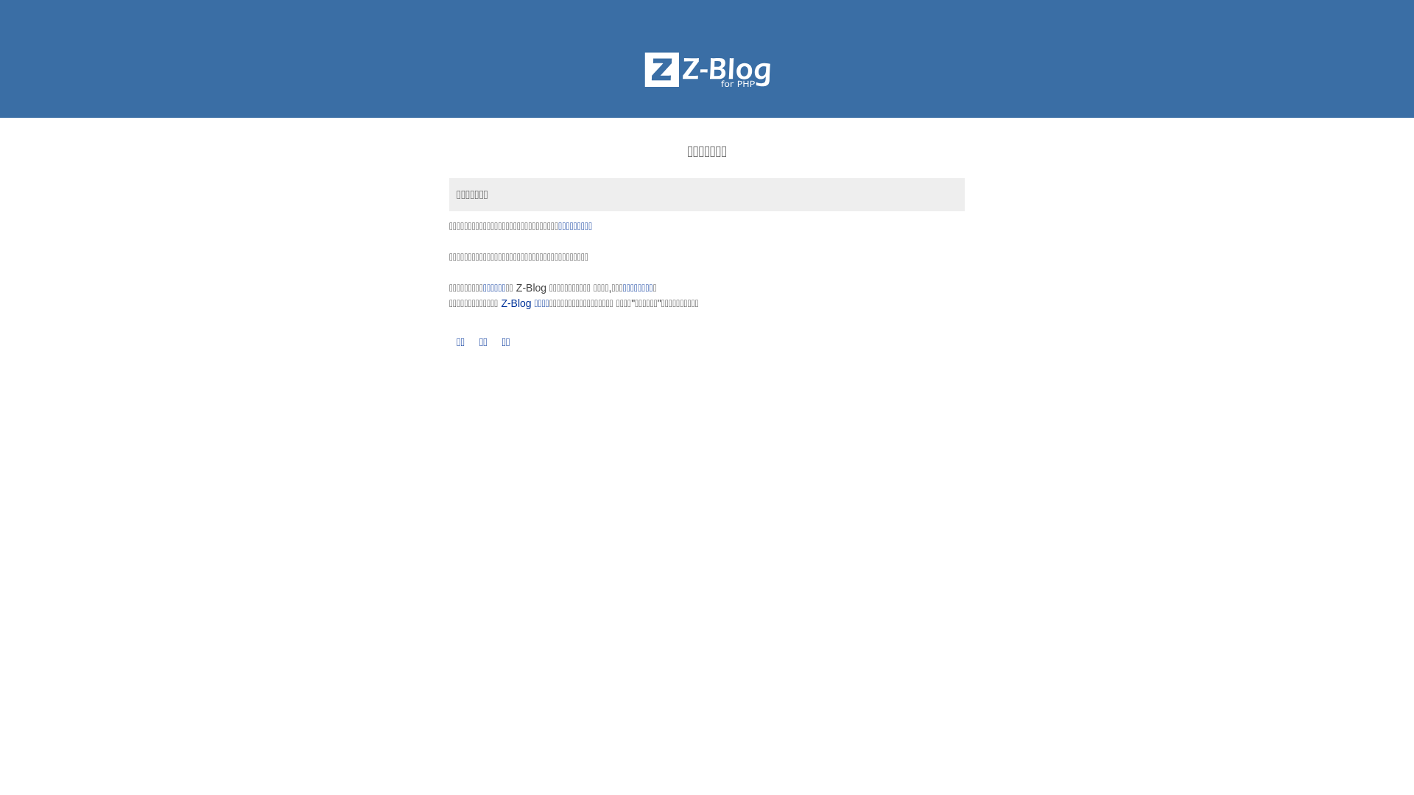  I want to click on 'Z-BlogPHP', so click(707, 70).